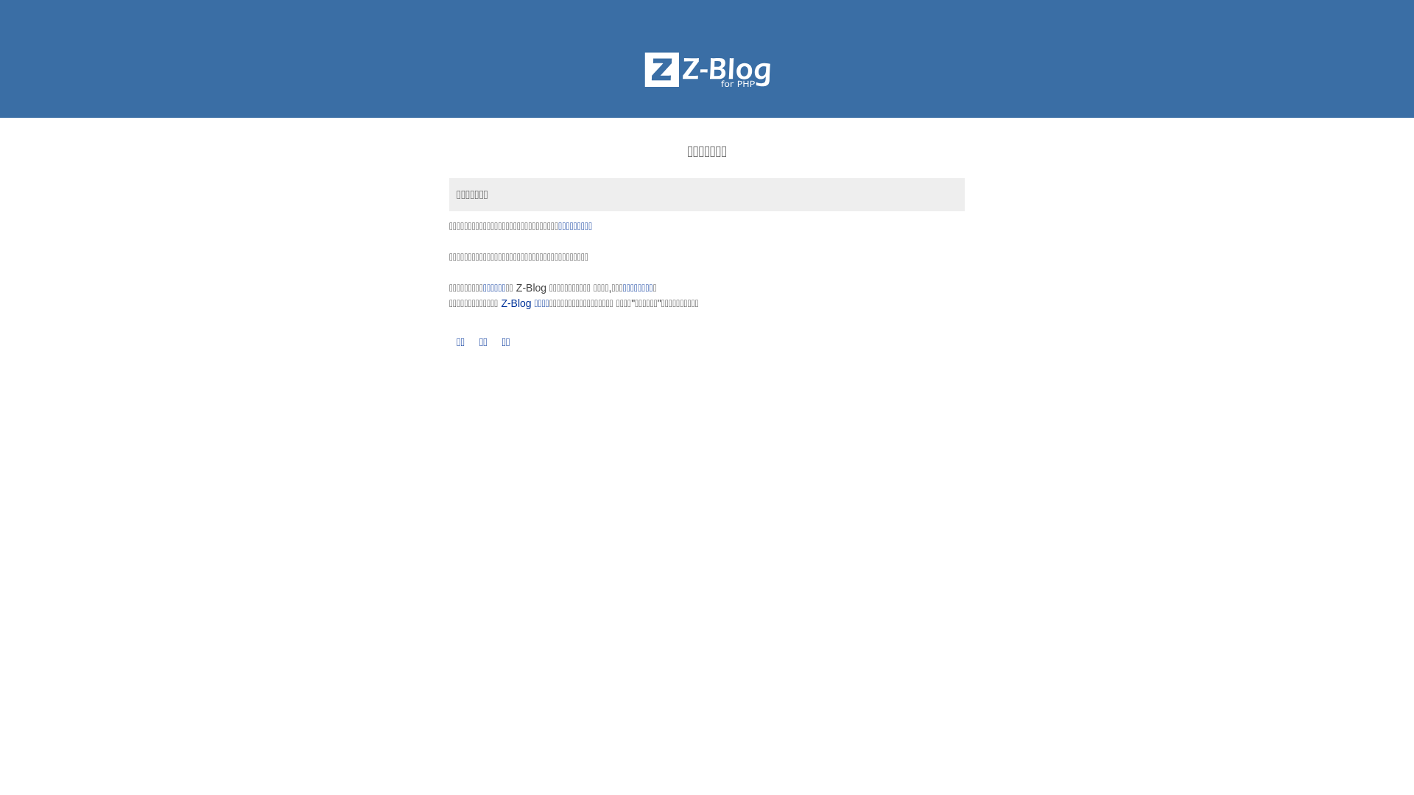  I want to click on 'Z-BlogPHP', so click(707, 70).